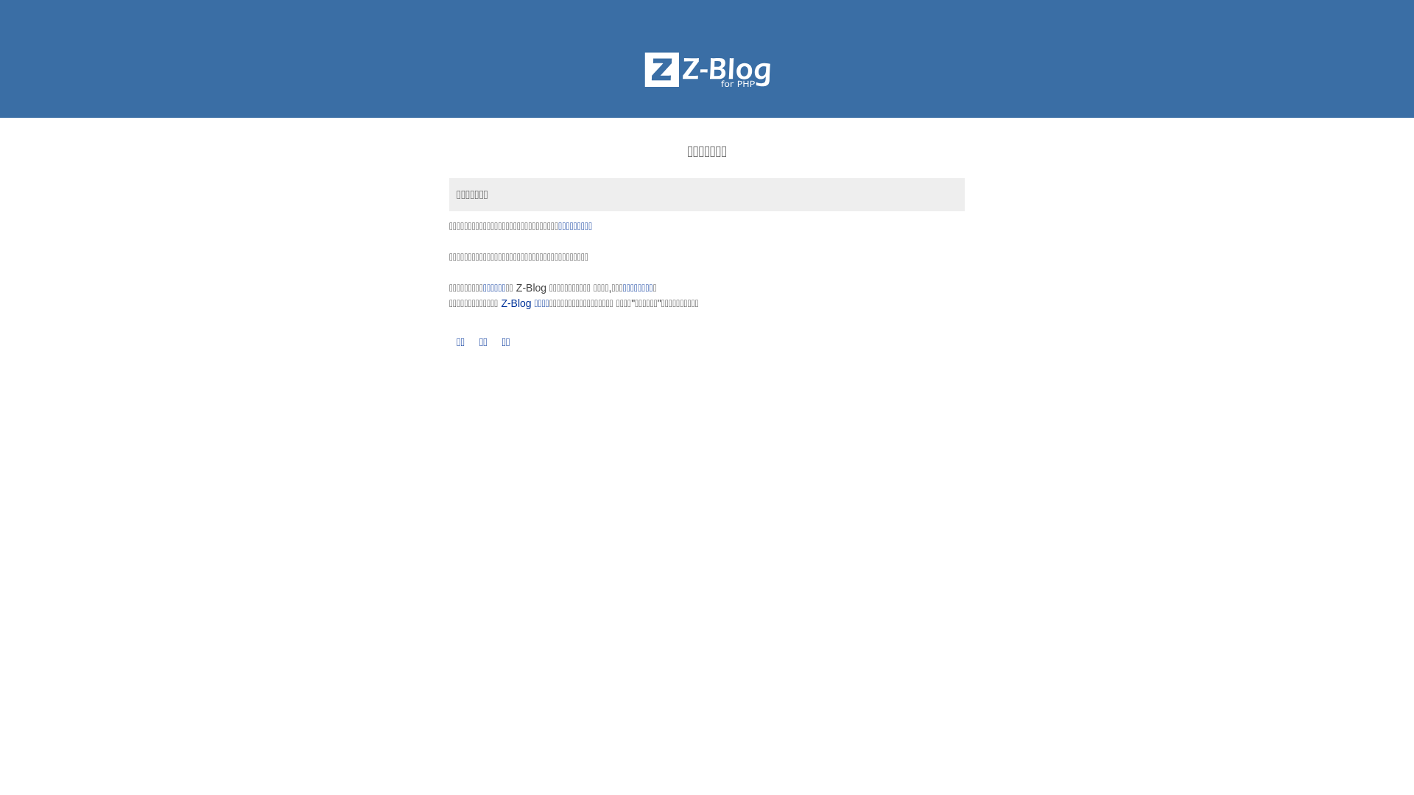  I want to click on 'Z-BlogPHP', so click(707, 70).